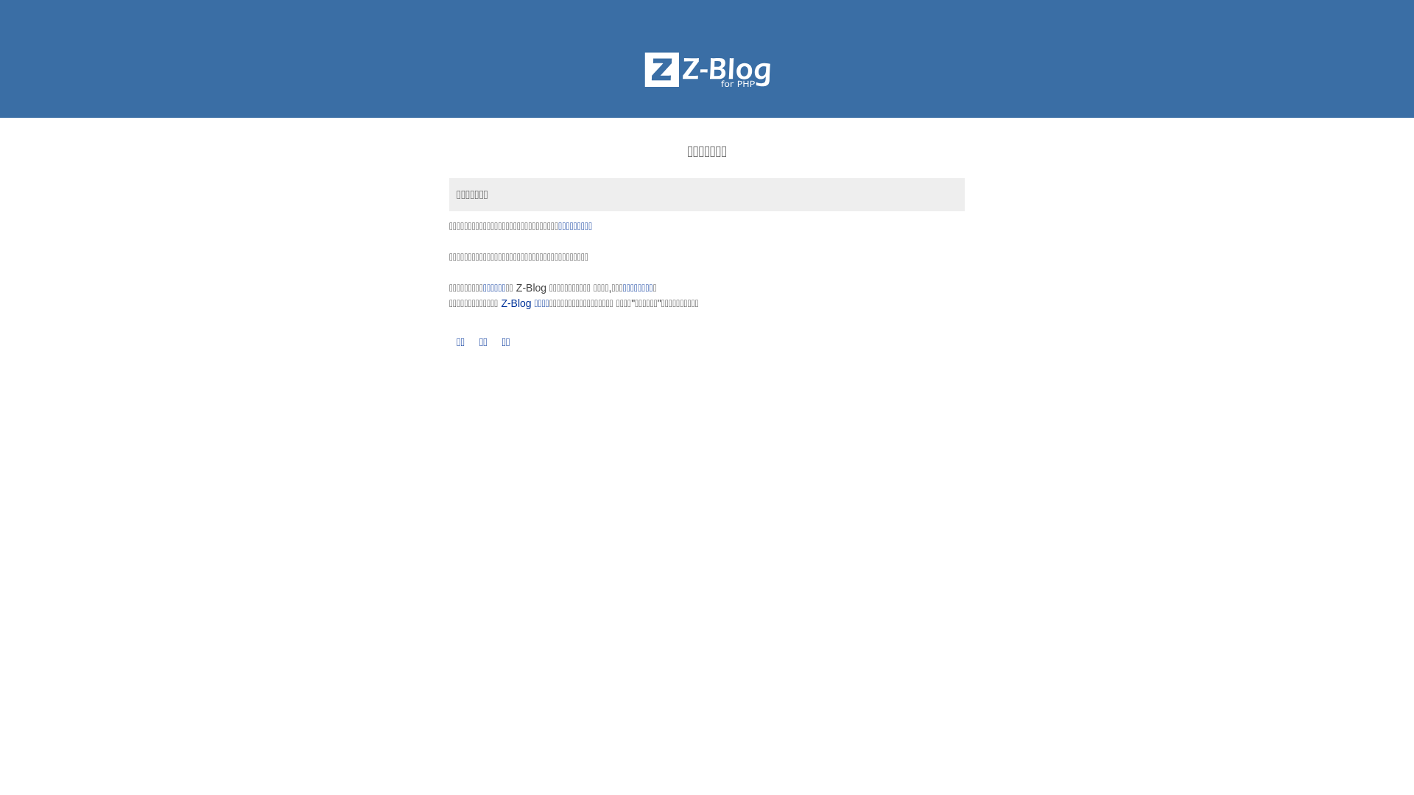  I want to click on 'Z-BlogPHP', so click(707, 70).